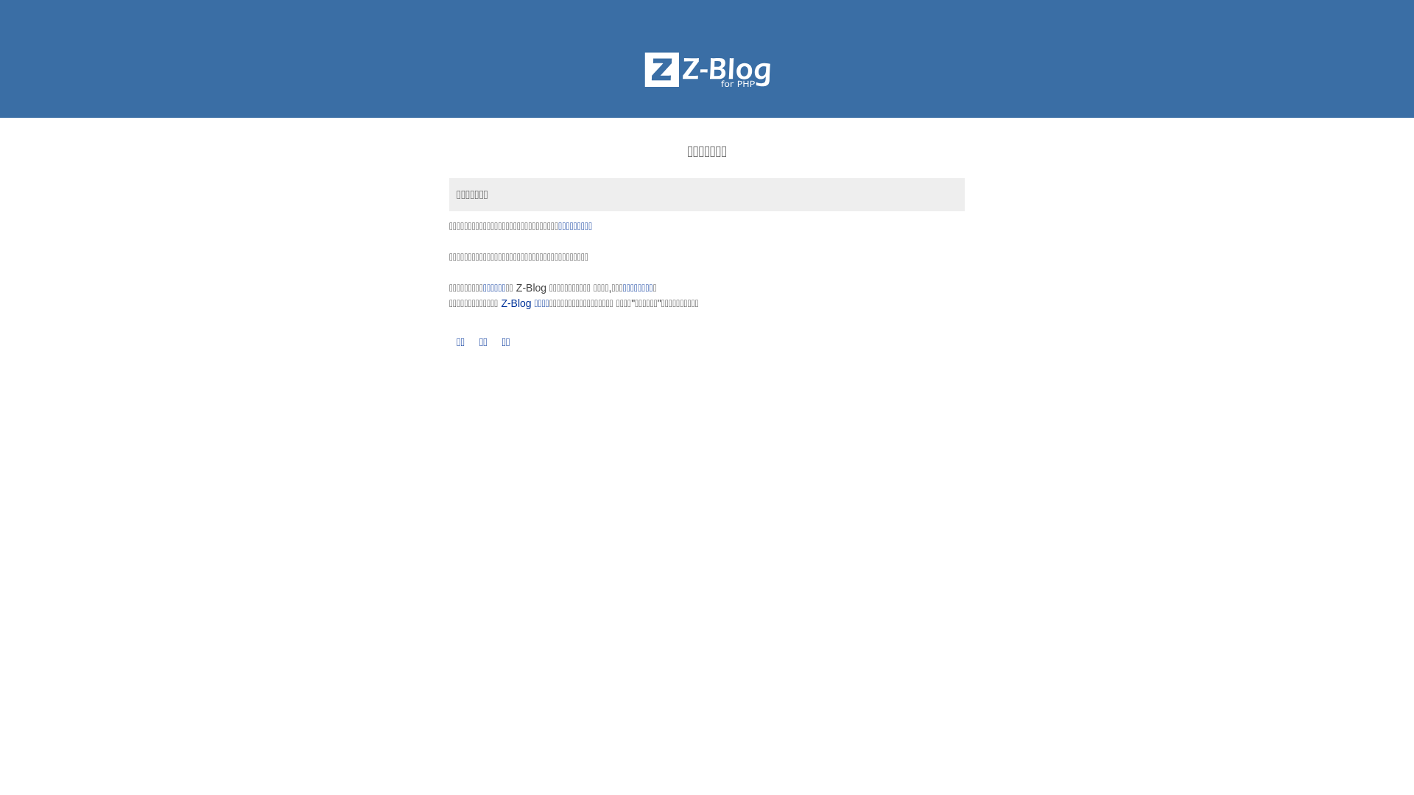  I want to click on 'Z-BlogPHP', so click(707, 70).